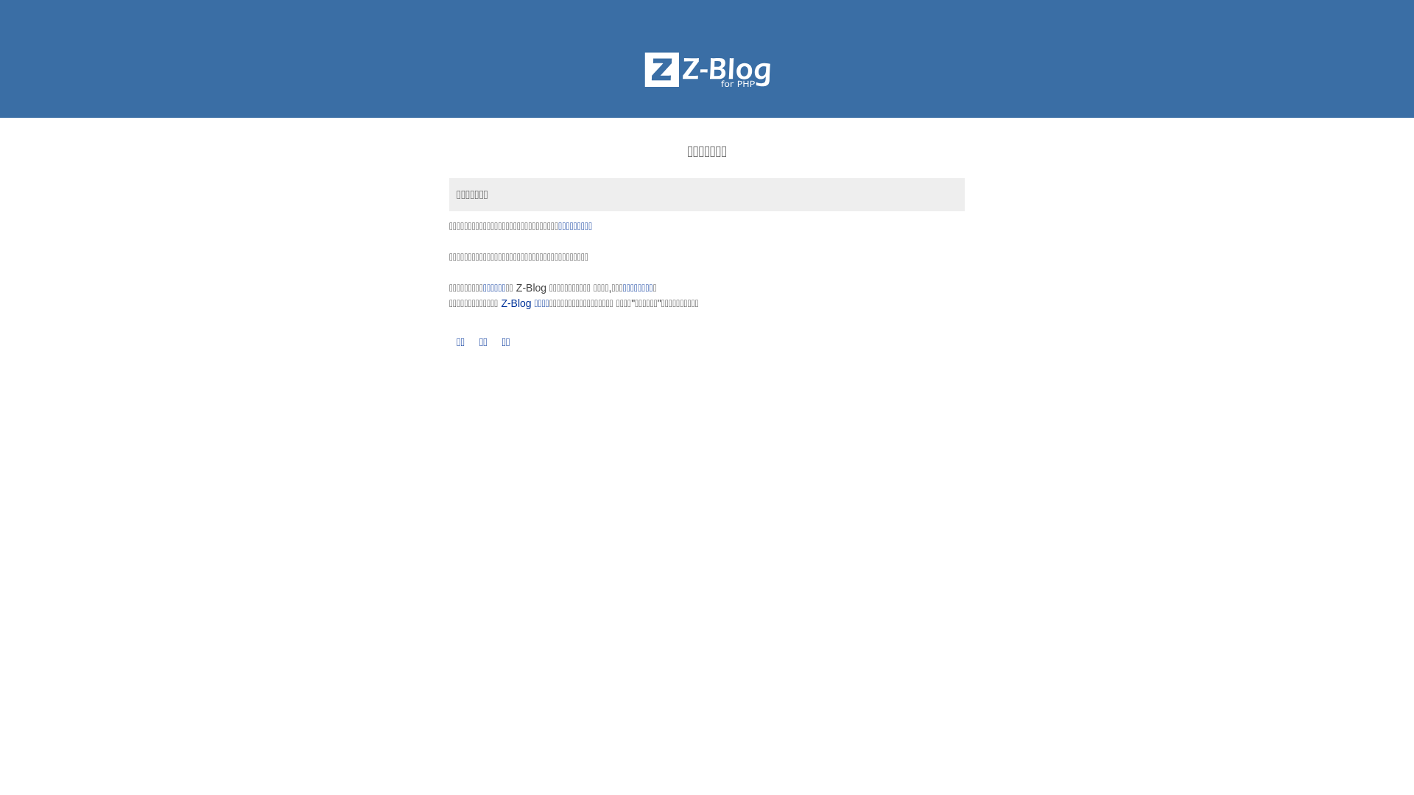  I want to click on 'Z-BlogPHP', so click(707, 70).